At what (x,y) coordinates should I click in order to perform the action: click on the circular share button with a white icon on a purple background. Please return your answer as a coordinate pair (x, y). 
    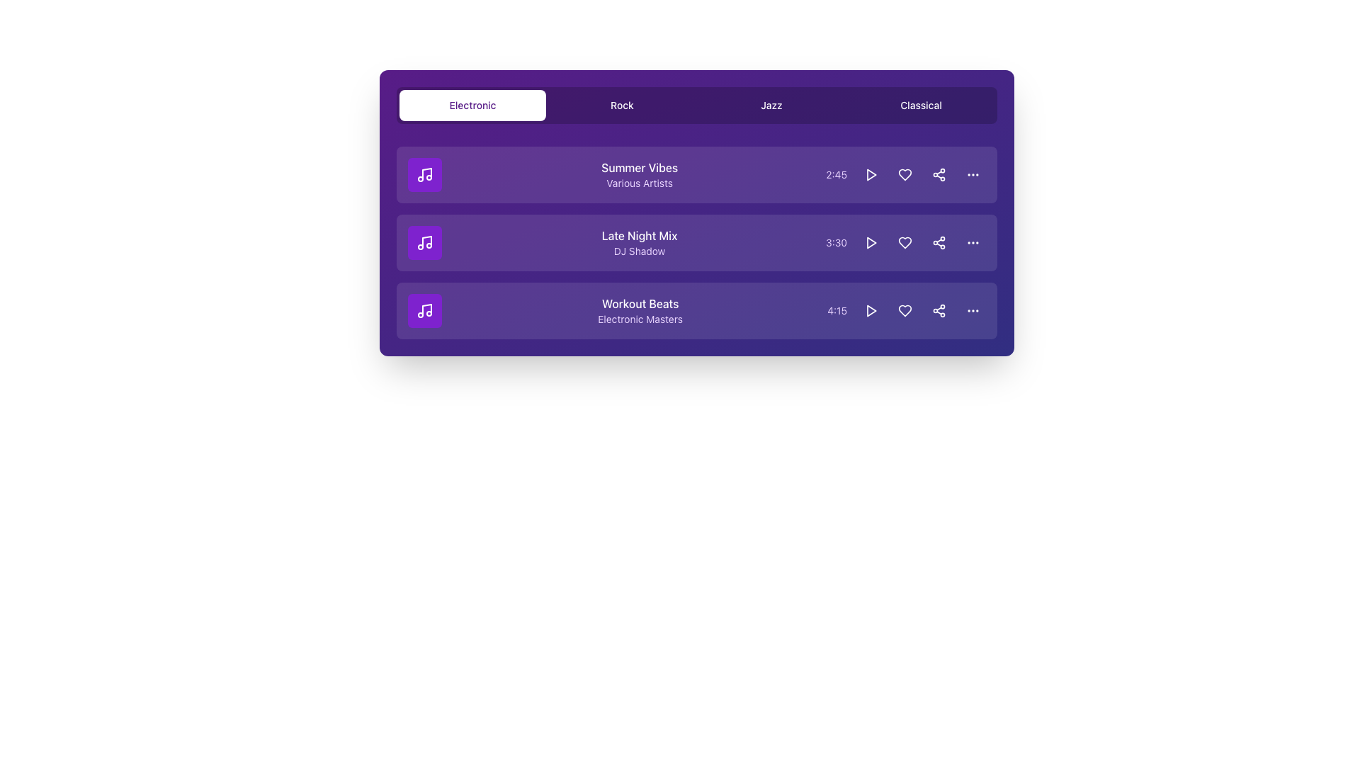
    Looking at the image, I should click on (939, 310).